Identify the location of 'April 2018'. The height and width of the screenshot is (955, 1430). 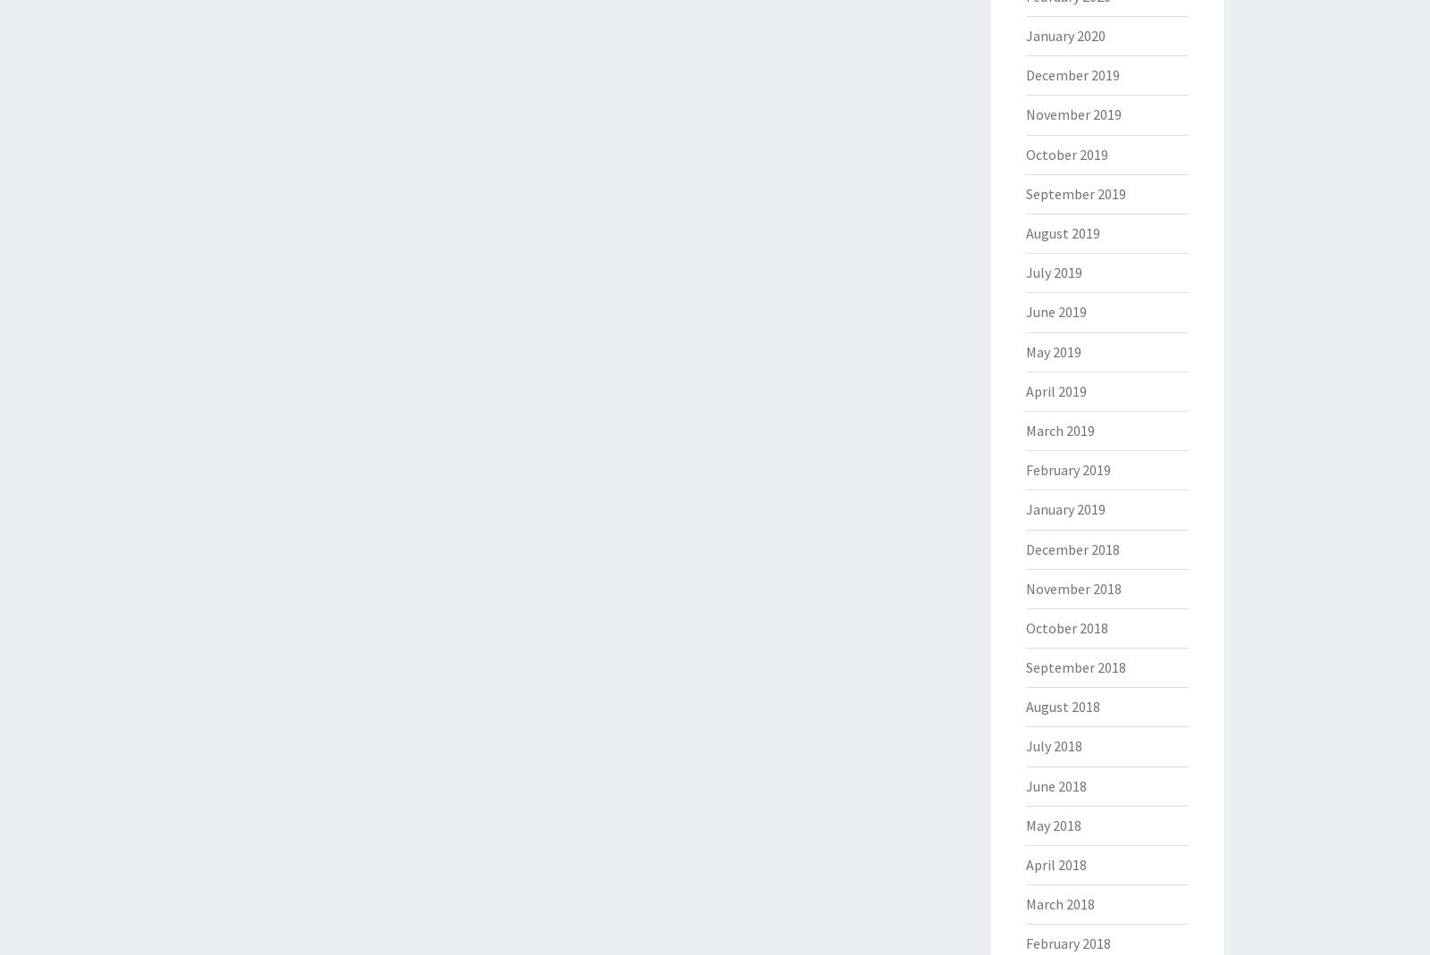
(1025, 864).